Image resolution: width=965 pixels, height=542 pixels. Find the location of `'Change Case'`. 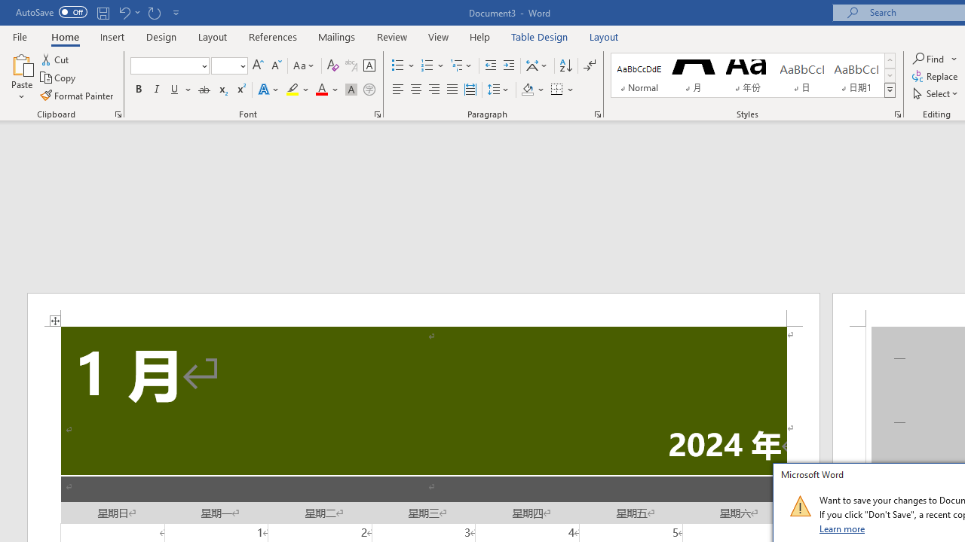

'Change Case' is located at coordinates (304, 65).